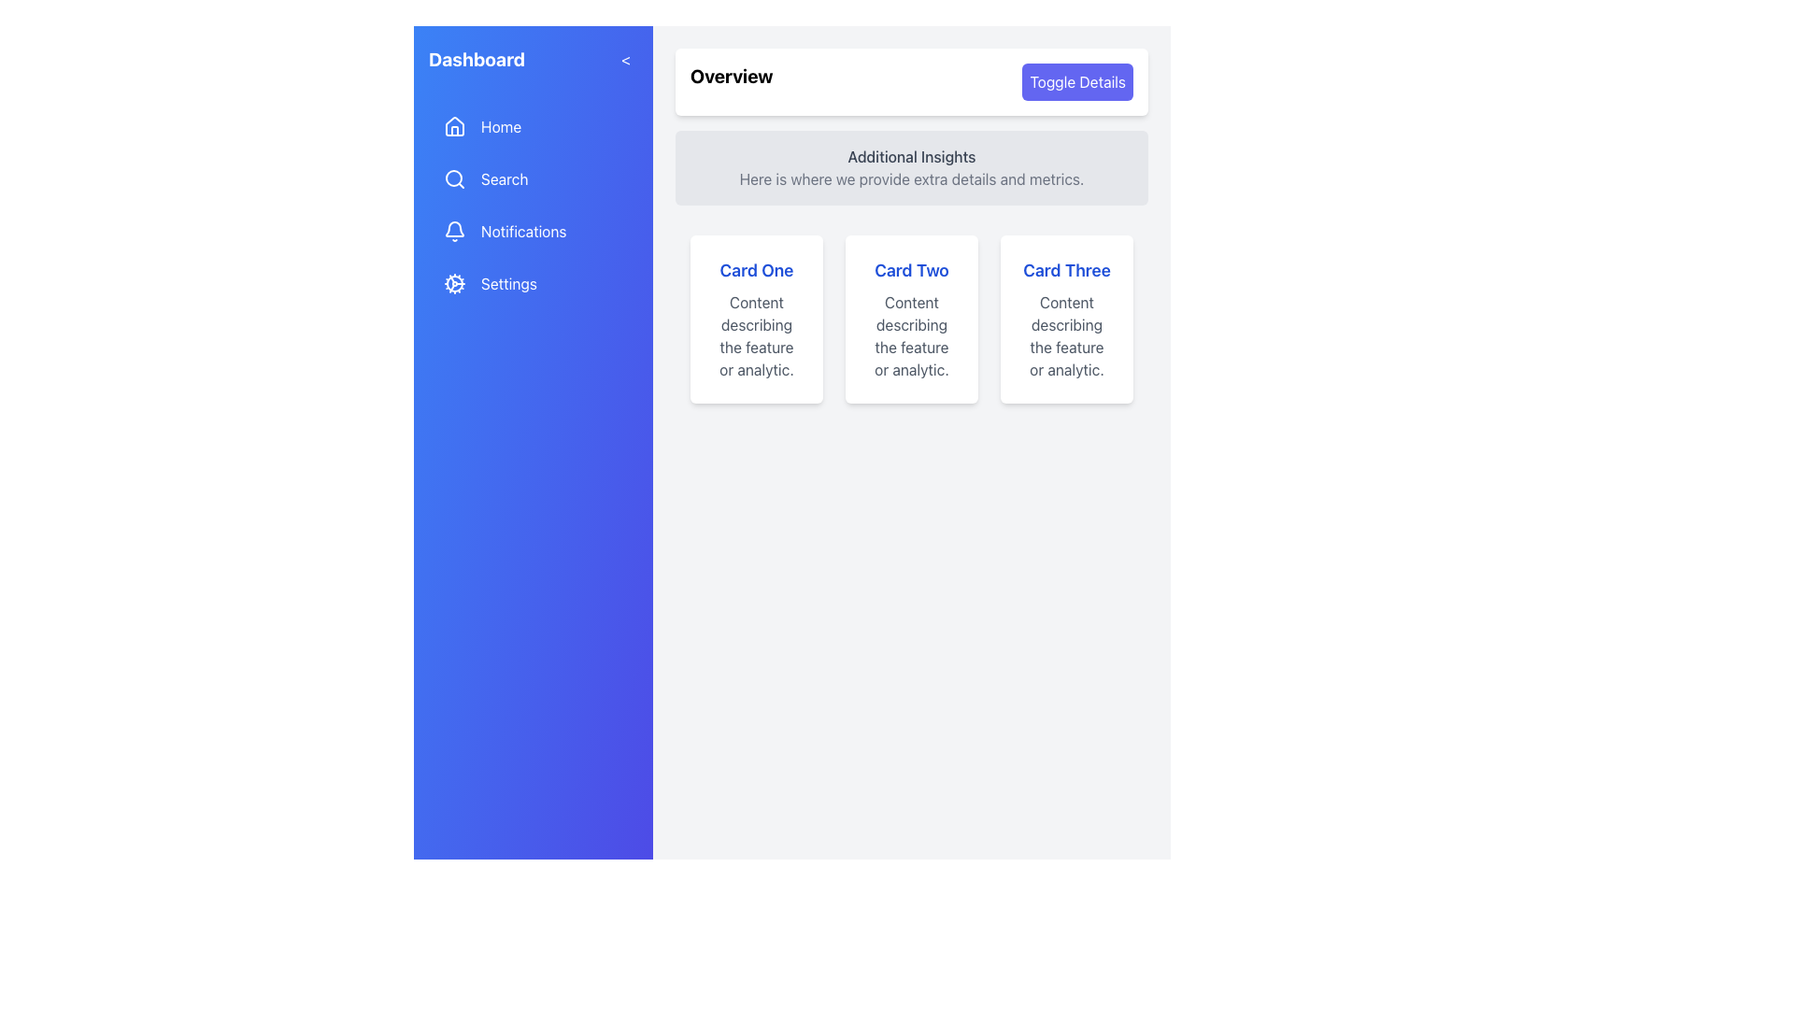  I want to click on the circular part of the search icon located in the vertical navigation menu on the left, so click(453, 178).